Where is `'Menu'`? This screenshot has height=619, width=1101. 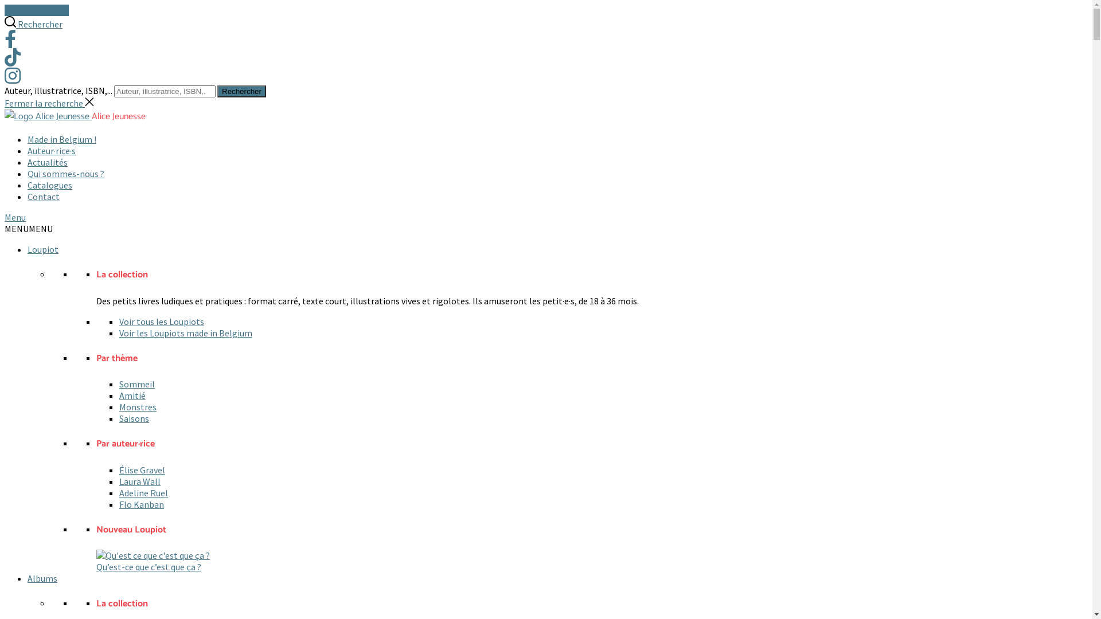 'Menu' is located at coordinates (545, 217).